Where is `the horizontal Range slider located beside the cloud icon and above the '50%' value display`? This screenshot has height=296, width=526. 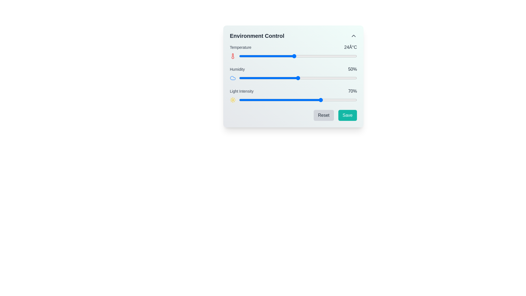
the horizontal Range slider located beside the cloud icon and above the '50%' value display is located at coordinates (298, 78).